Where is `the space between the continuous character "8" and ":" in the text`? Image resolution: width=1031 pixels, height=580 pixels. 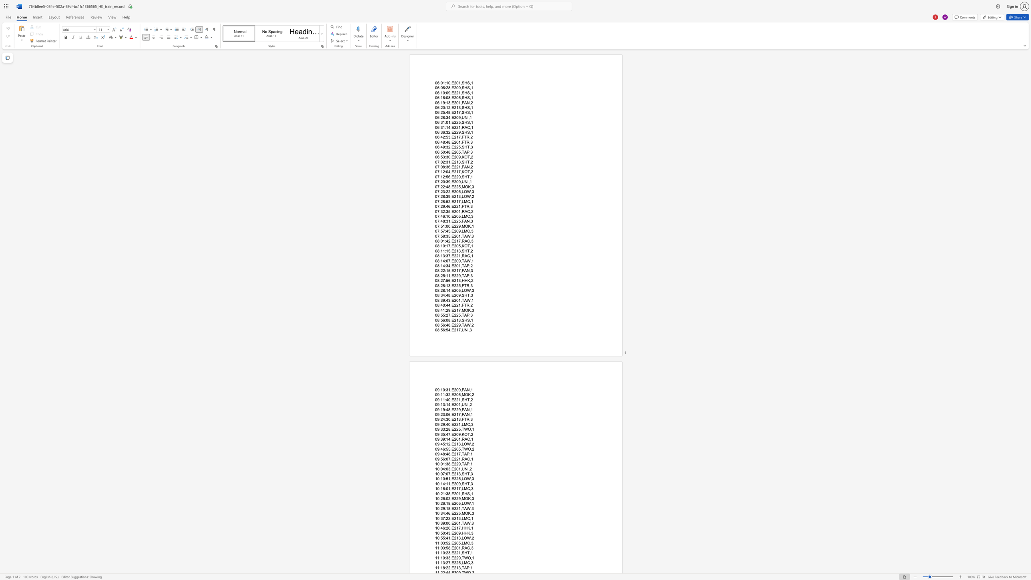
the space between the continuous character "8" and ":" in the text is located at coordinates (439, 275).